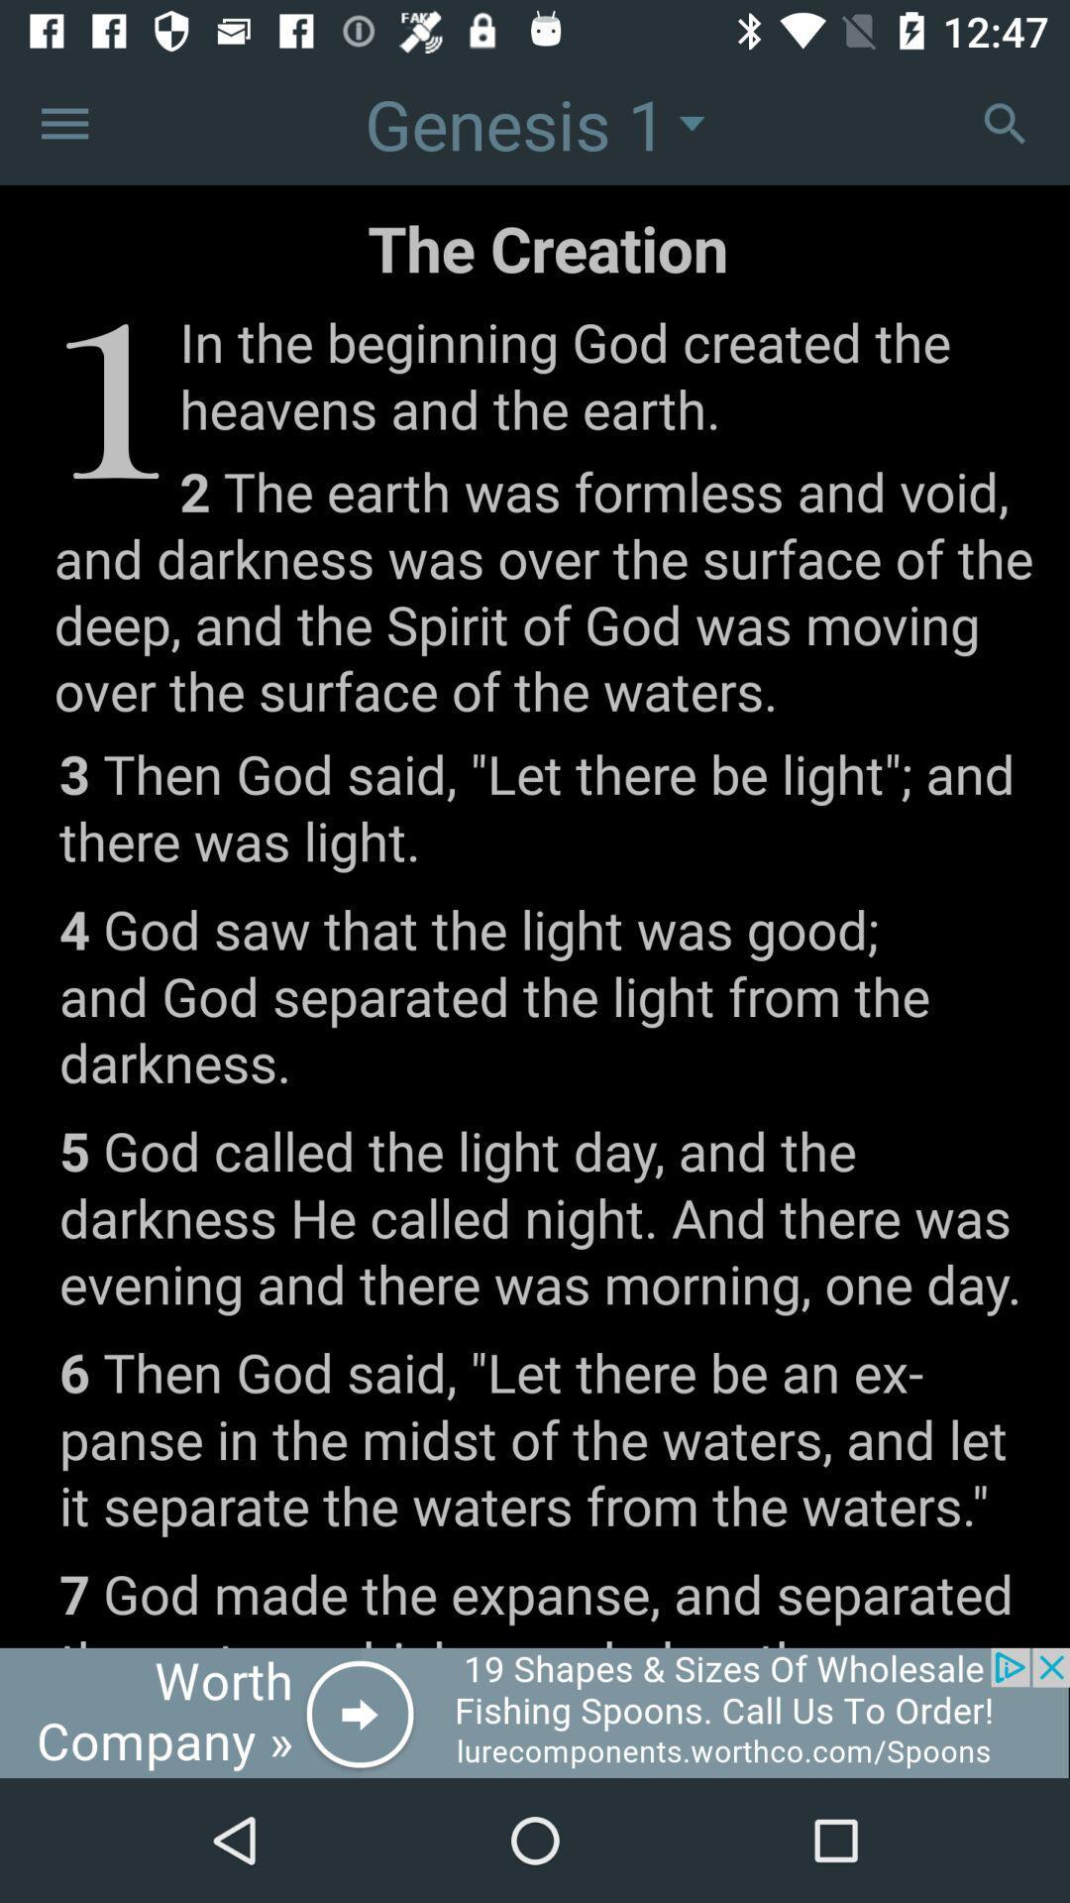  Describe the element at coordinates (535, 1712) in the screenshot. I see `interact with advertisement` at that location.